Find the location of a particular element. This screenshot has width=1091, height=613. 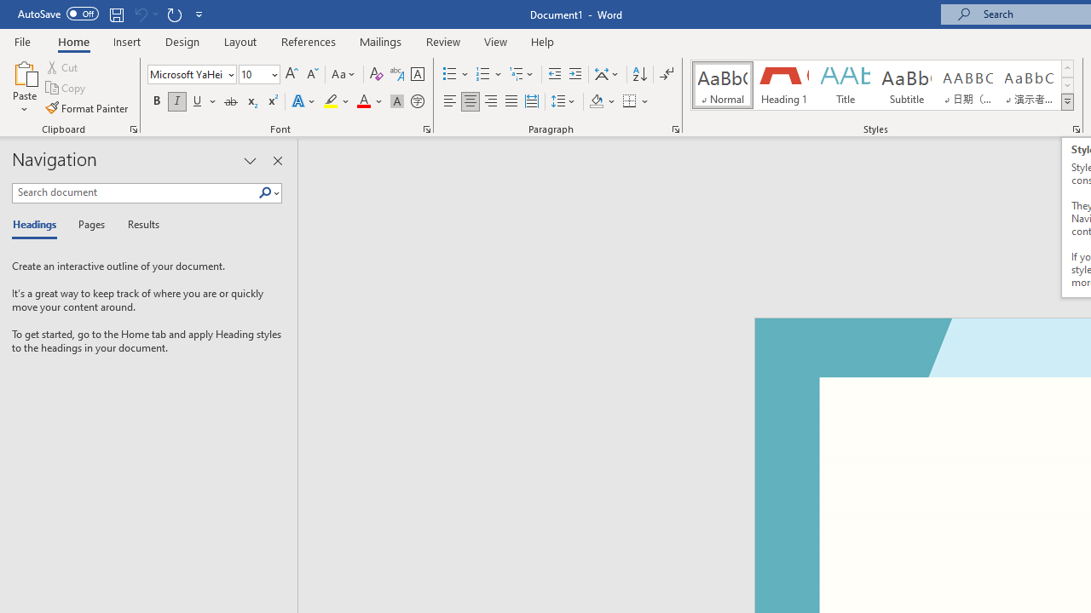

'Repeat Doc Close' is located at coordinates (174, 14).